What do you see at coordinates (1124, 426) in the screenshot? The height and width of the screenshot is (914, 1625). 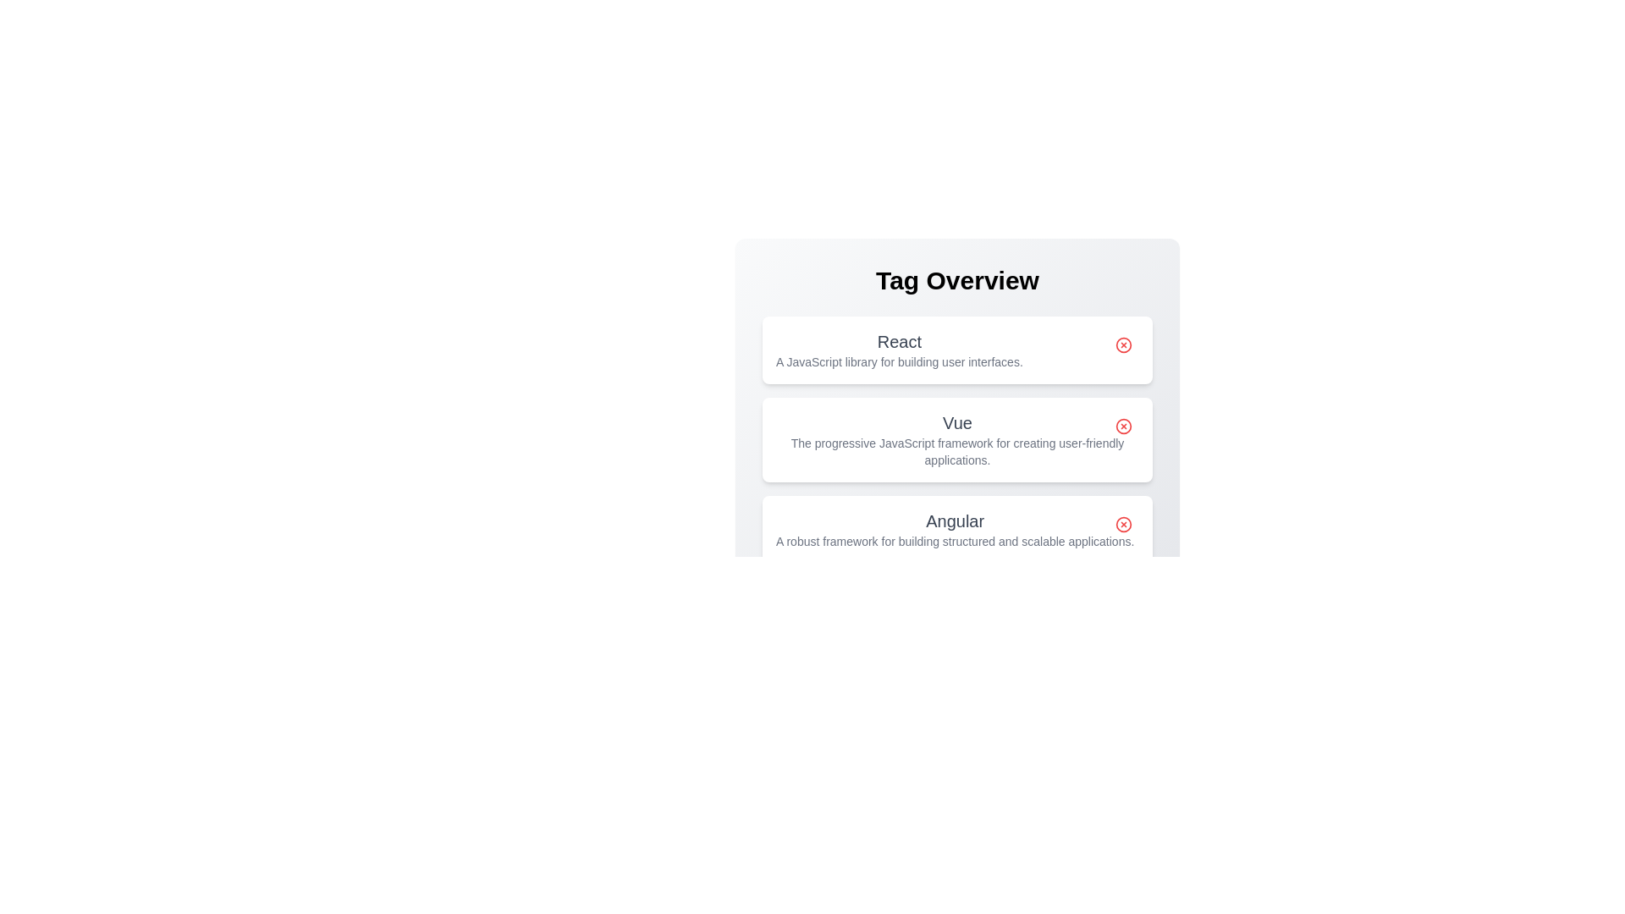 I see `close button on the tag labeled Vue` at bounding box center [1124, 426].